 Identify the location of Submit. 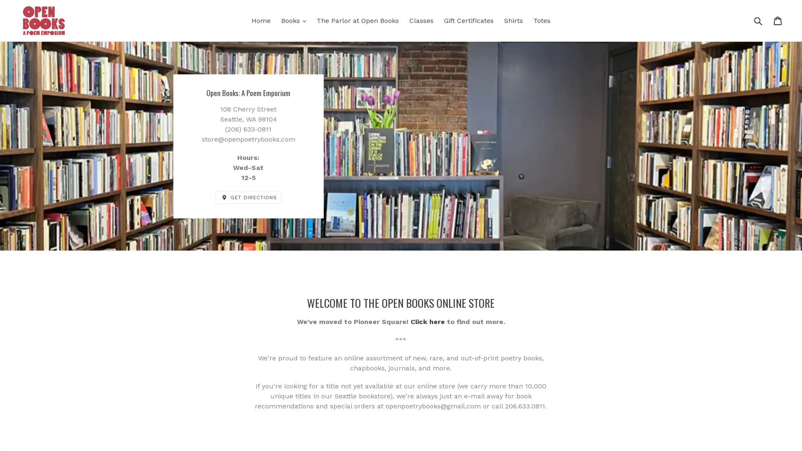
(758, 20).